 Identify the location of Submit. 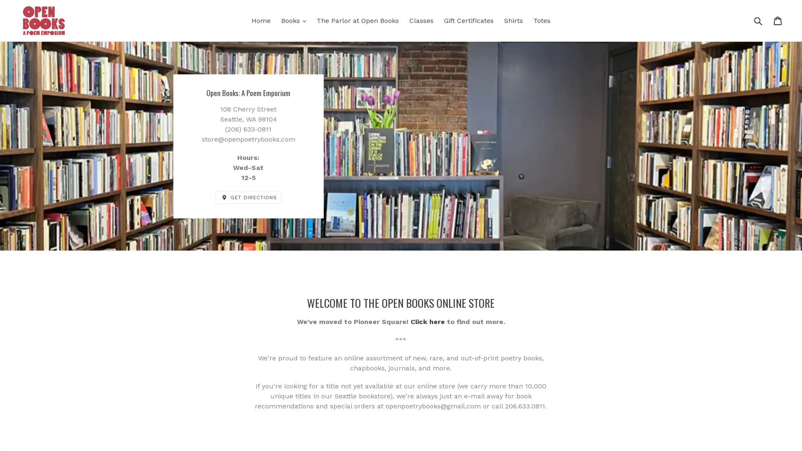
(758, 20).